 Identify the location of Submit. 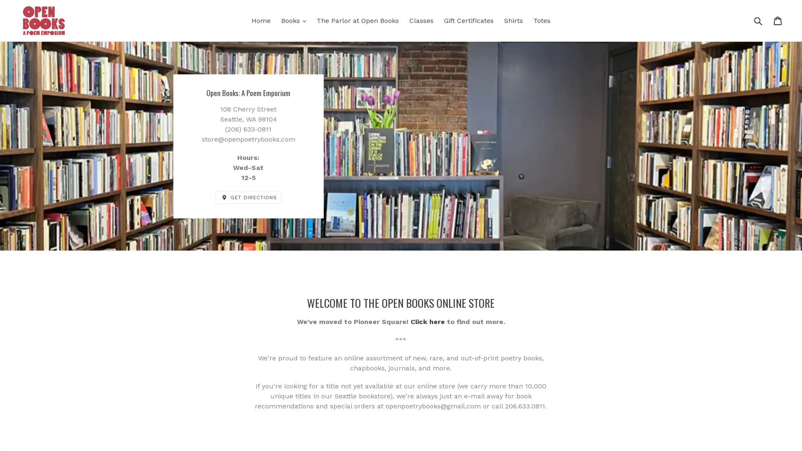
(758, 20).